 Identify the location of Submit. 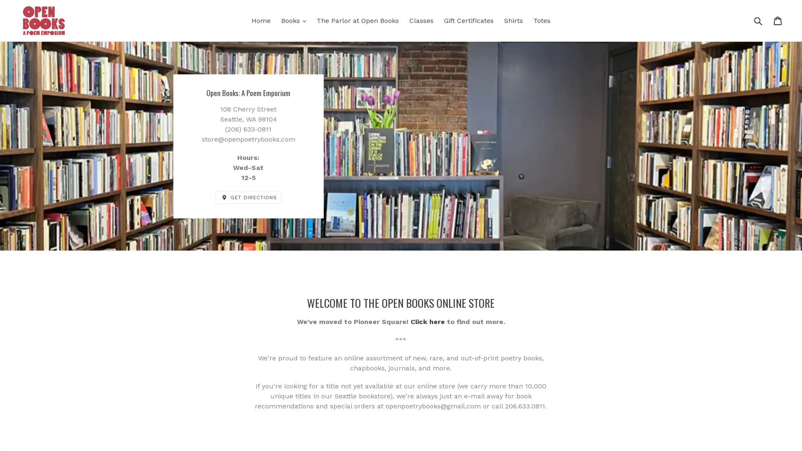
(758, 20).